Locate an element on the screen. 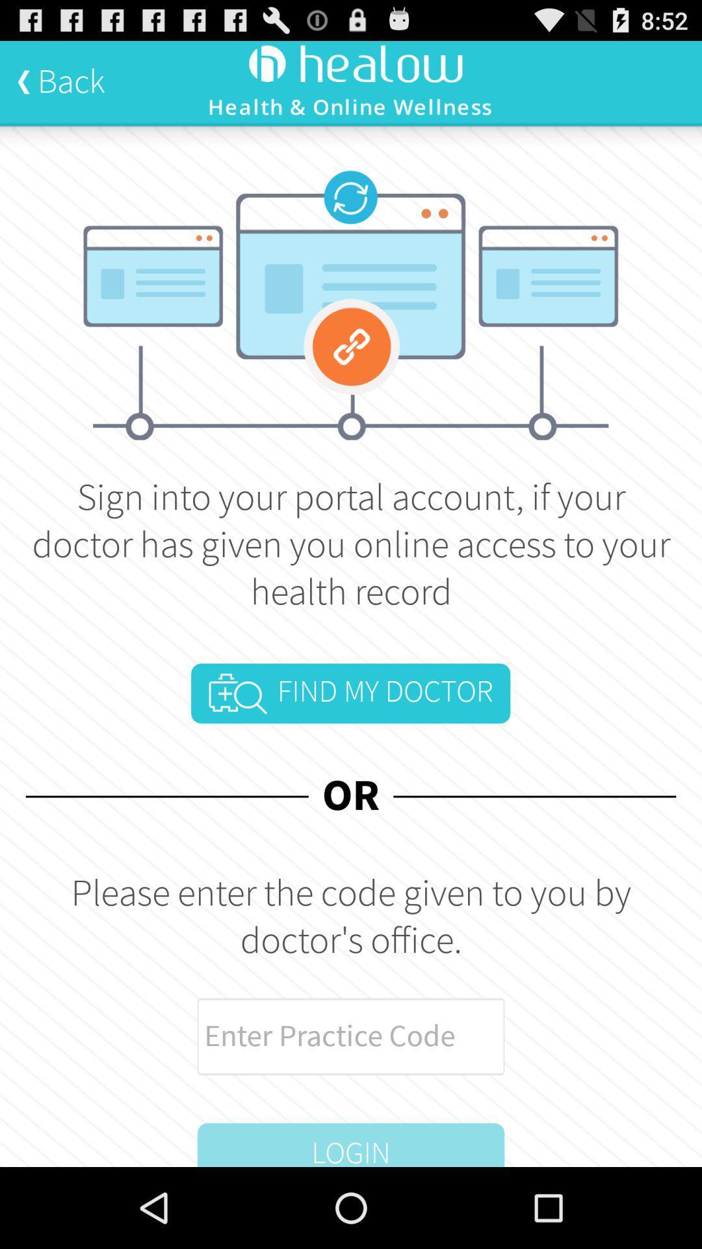  code is located at coordinates (351, 1036).